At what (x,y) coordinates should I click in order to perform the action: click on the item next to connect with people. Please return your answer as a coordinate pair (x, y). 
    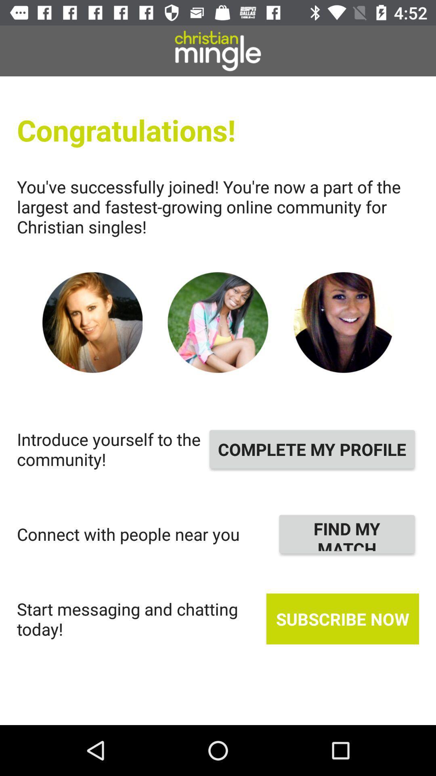
    Looking at the image, I should click on (346, 534).